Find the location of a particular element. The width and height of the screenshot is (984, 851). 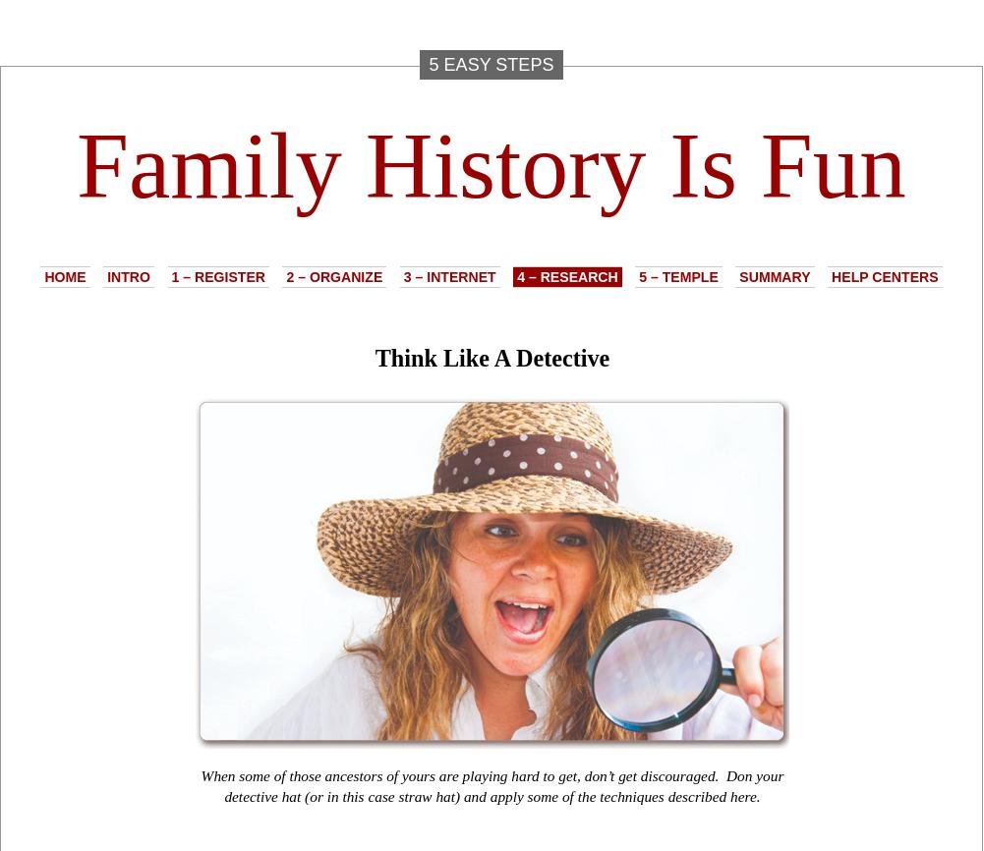

'5 Easy Steps' is located at coordinates (491, 64).